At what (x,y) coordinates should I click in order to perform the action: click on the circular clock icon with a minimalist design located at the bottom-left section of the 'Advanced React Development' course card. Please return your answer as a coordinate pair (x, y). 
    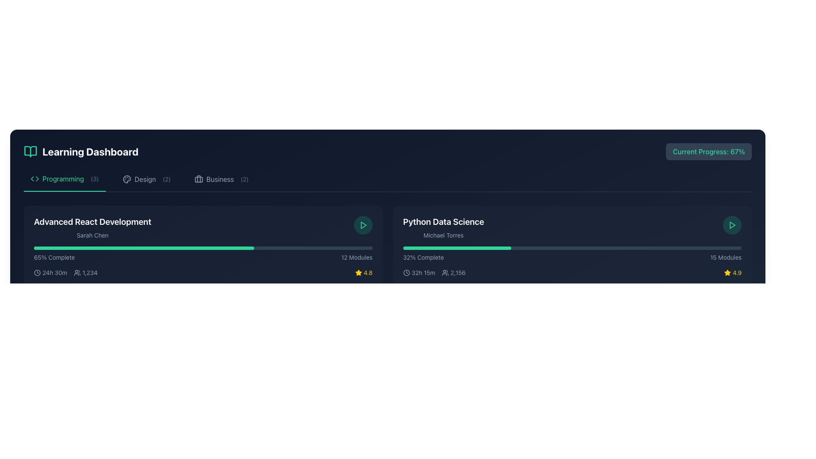
    Looking at the image, I should click on (37, 272).